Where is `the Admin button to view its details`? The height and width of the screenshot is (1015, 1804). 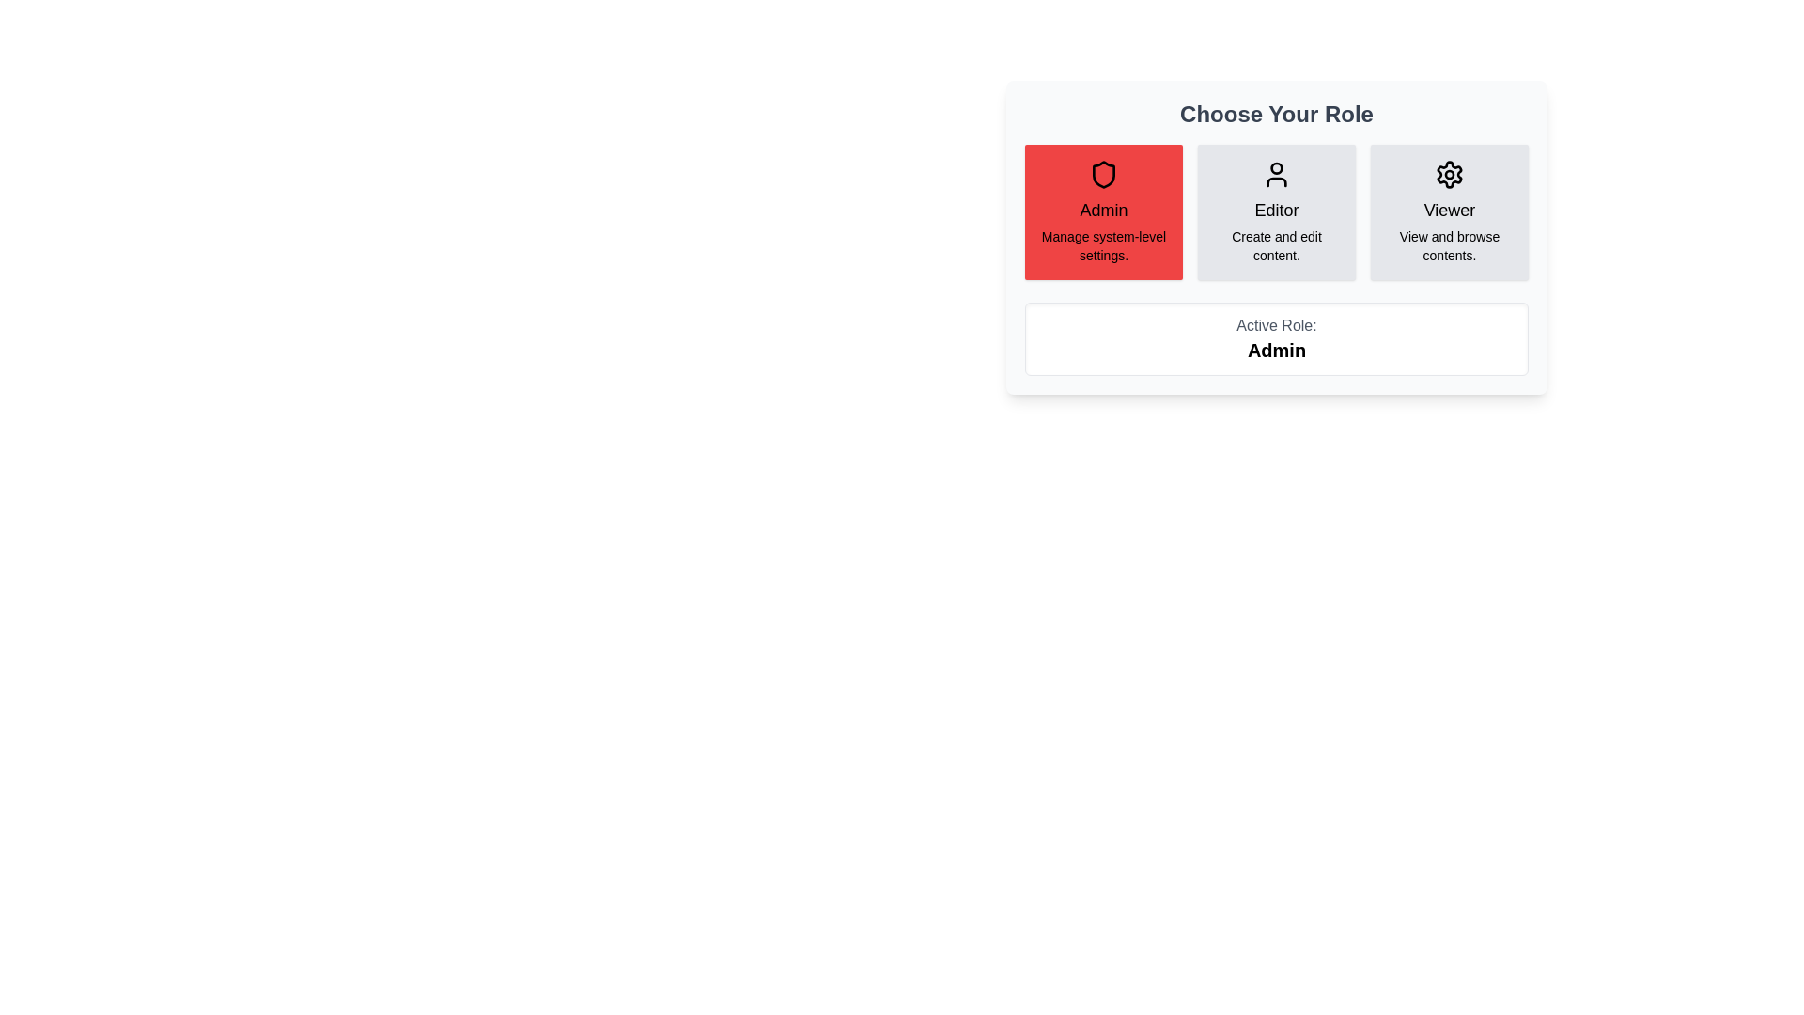
the Admin button to view its details is located at coordinates (1104, 211).